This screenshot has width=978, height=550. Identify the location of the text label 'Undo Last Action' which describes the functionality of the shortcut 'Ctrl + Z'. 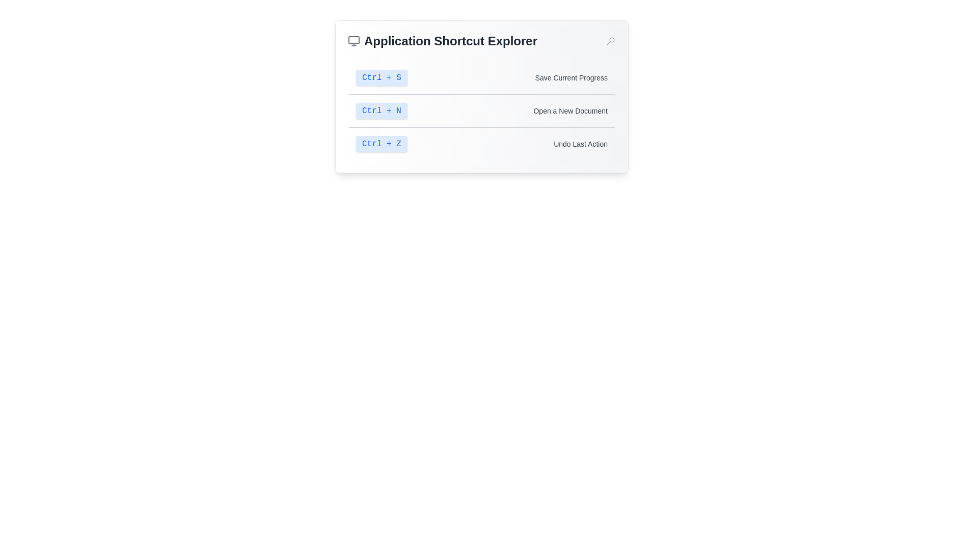
(581, 144).